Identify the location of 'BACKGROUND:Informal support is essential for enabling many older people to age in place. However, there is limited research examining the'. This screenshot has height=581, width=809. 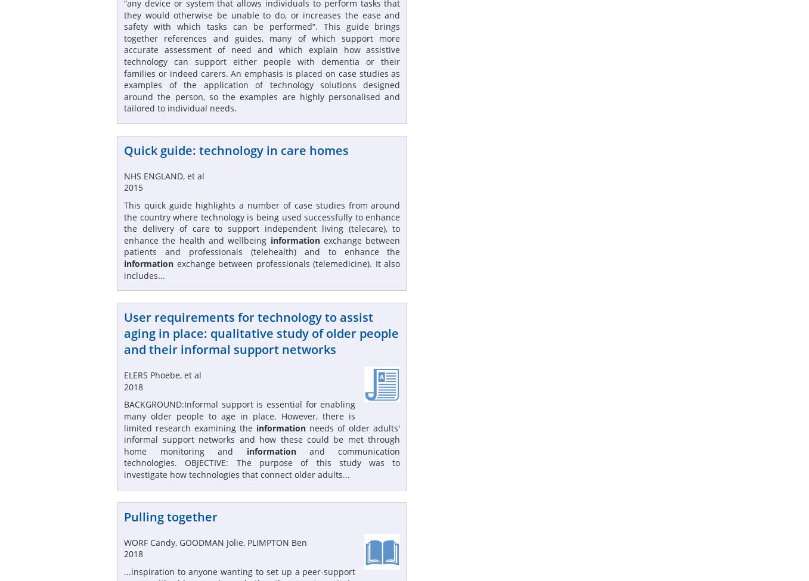
(239, 415).